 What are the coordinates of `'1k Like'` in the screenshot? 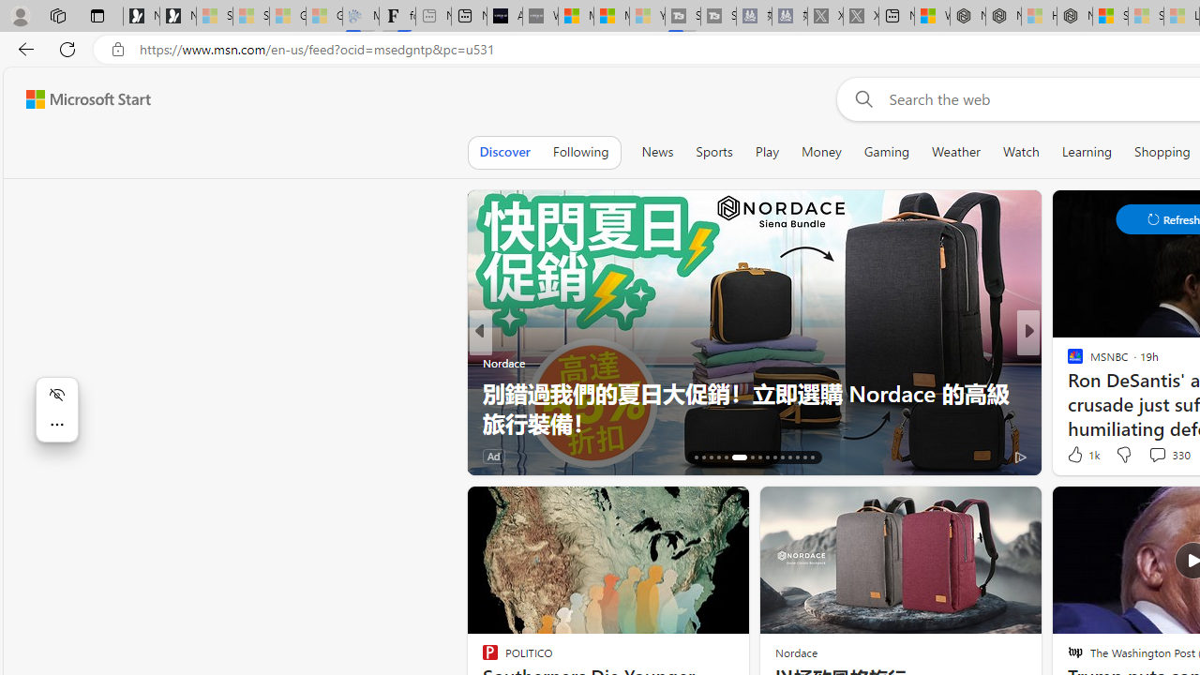 It's located at (1082, 454).